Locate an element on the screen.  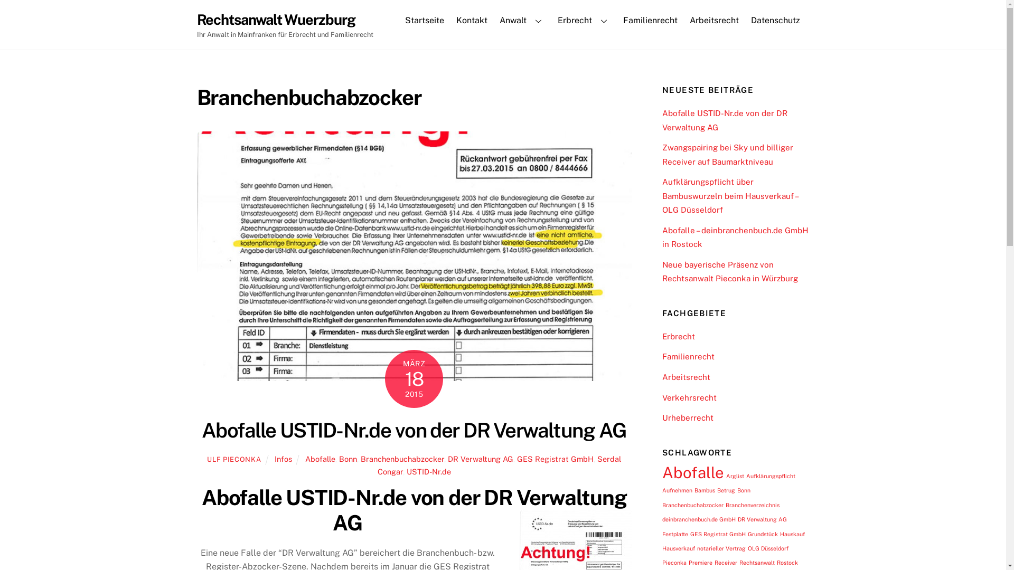
'Premiere' is located at coordinates (700, 562).